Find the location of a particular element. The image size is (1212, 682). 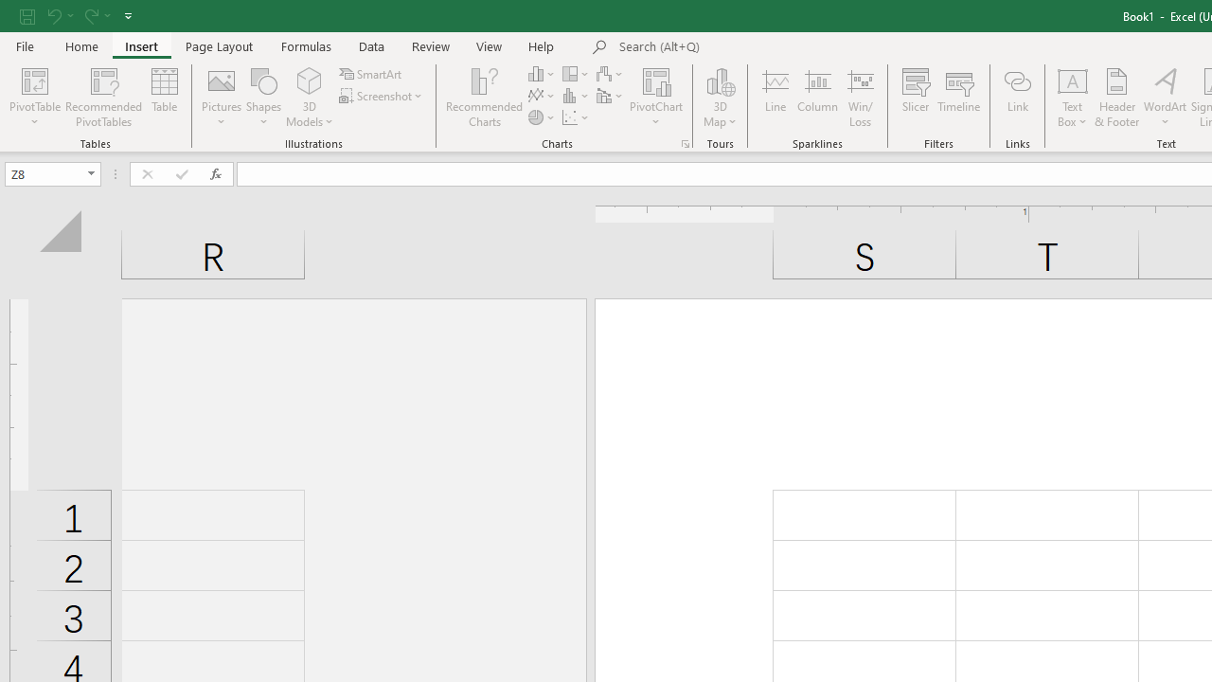

'PivotTable' is located at coordinates (35, 98).